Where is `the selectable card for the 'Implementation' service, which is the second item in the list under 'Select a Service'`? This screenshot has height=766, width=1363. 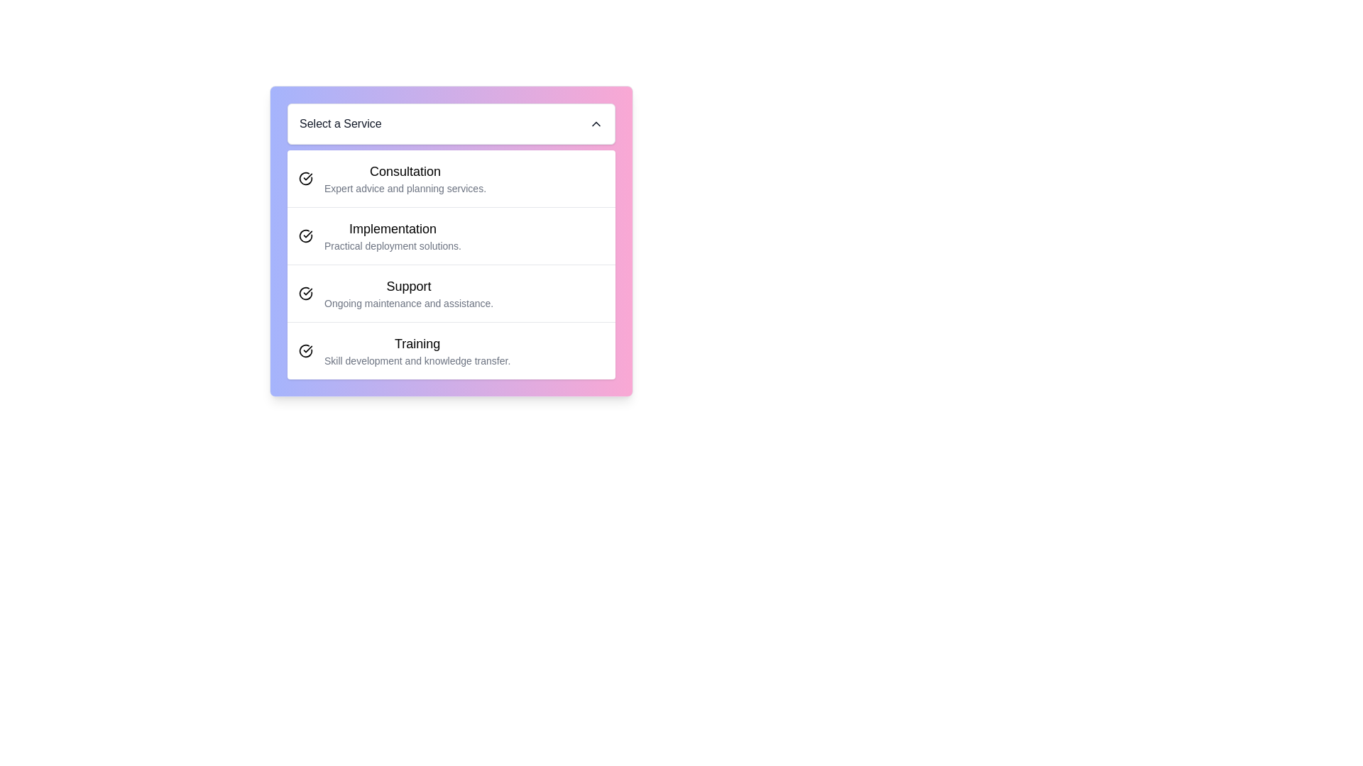
the selectable card for the 'Implementation' service, which is the second item in the list under 'Select a Service' is located at coordinates (450, 240).